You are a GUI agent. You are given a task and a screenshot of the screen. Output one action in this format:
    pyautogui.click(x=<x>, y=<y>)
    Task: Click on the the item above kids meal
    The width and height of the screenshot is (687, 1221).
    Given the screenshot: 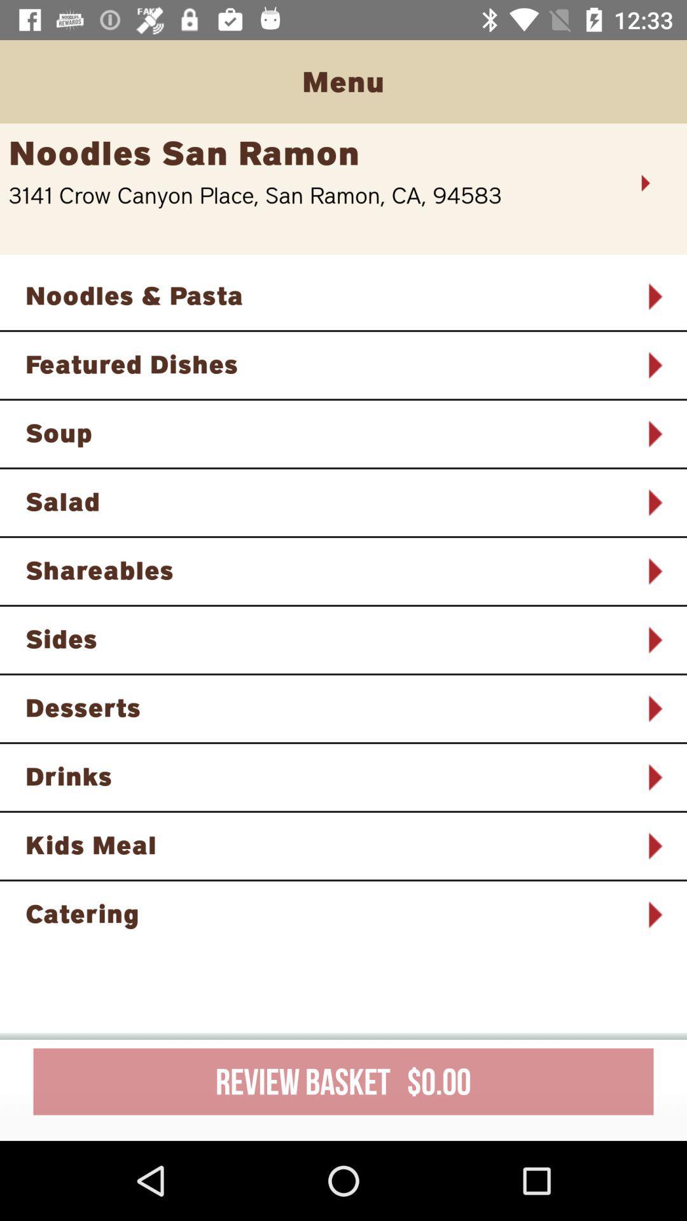 What is the action you would take?
    pyautogui.click(x=326, y=775)
    